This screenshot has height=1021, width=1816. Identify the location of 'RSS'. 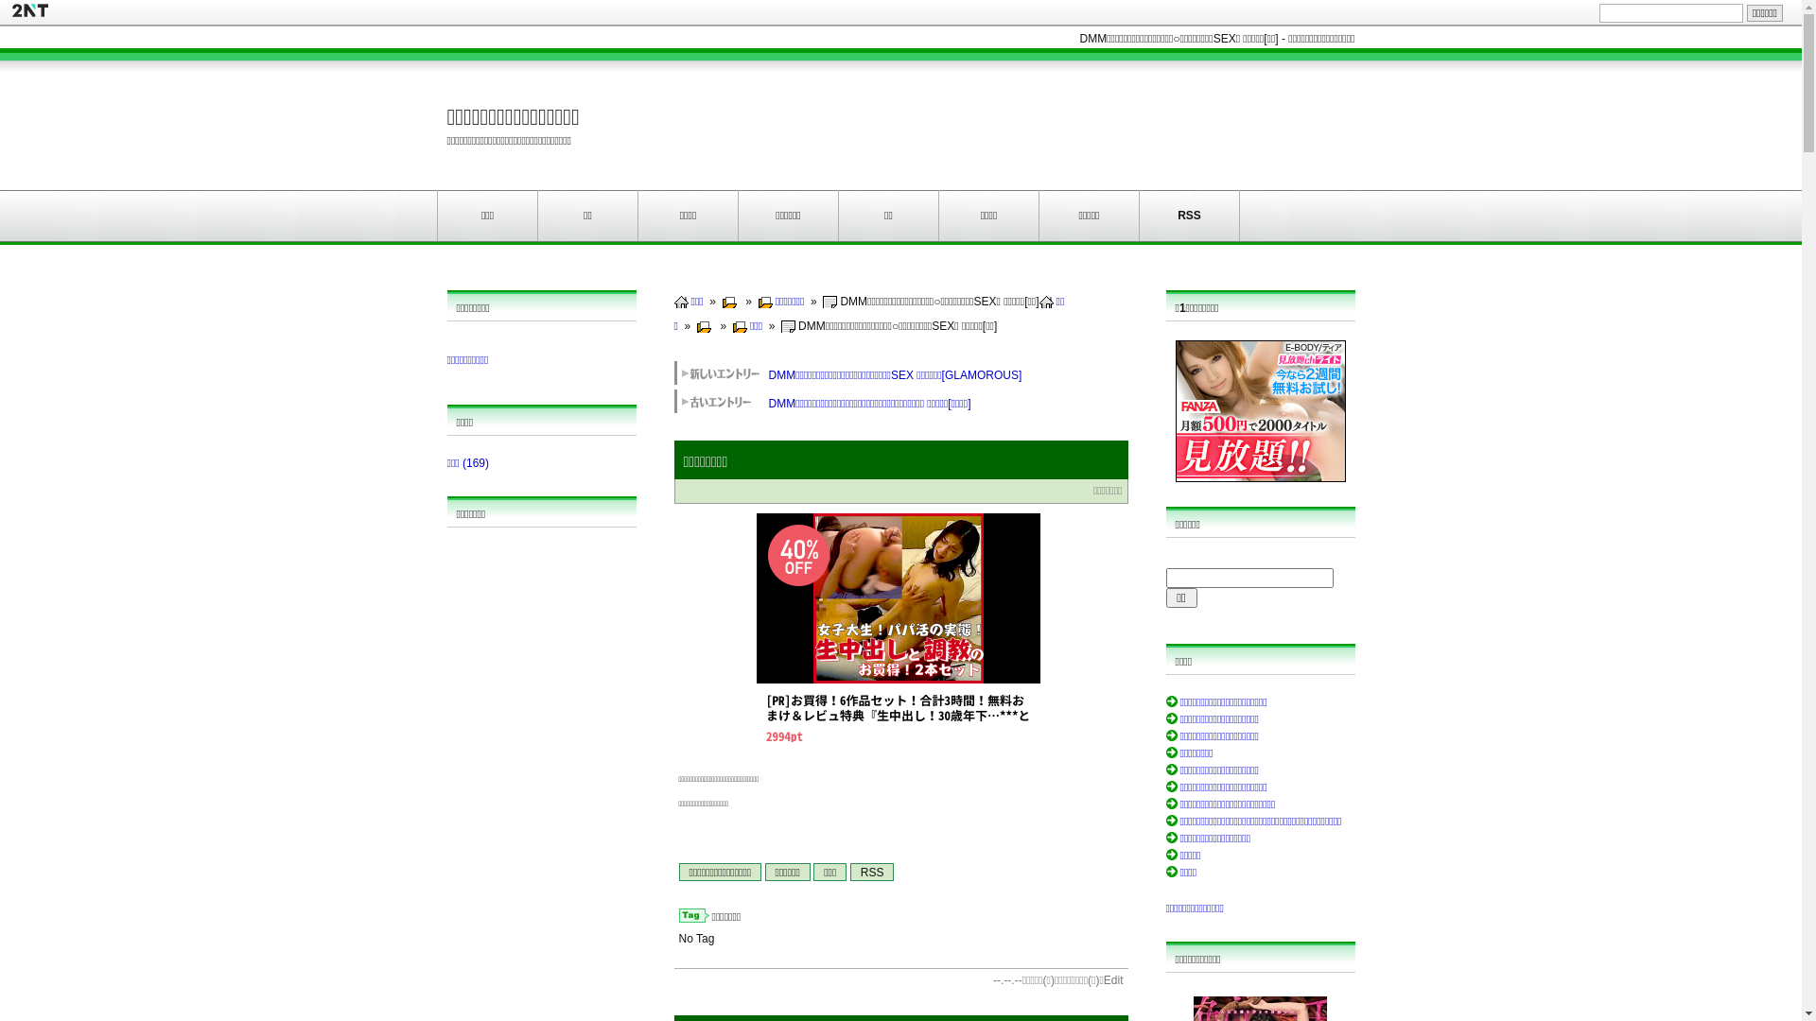
(871, 872).